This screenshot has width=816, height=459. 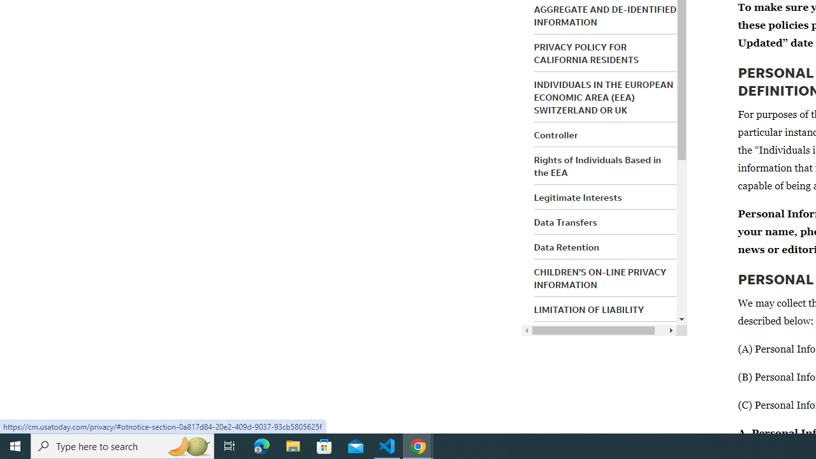 What do you see at coordinates (565, 221) in the screenshot?
I see `'Data Transfers'` at bounding box center [565, 221].